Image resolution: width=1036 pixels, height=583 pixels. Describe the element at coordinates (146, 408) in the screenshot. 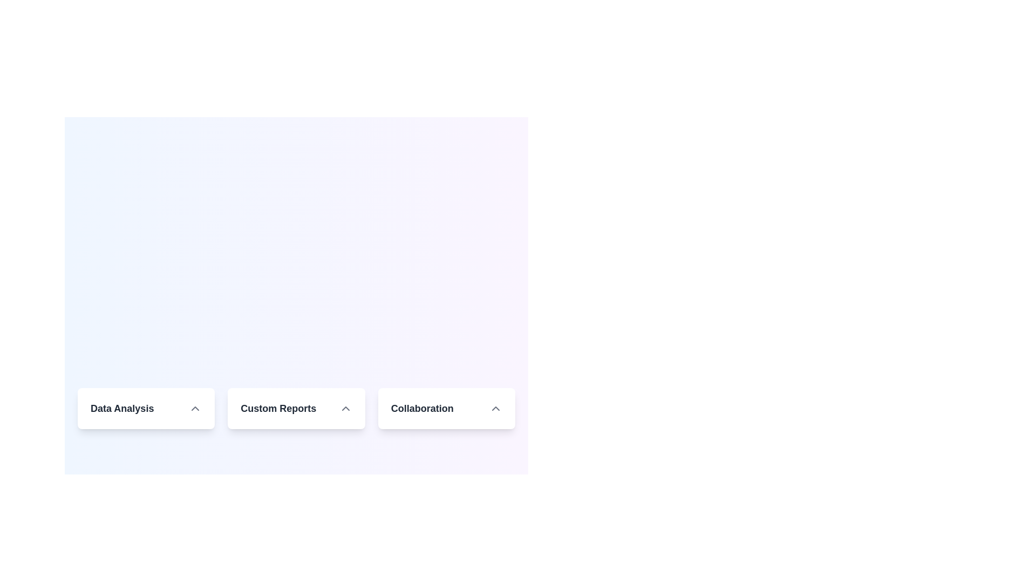

I see `the leftmost button in the horizontal layout` at that location.